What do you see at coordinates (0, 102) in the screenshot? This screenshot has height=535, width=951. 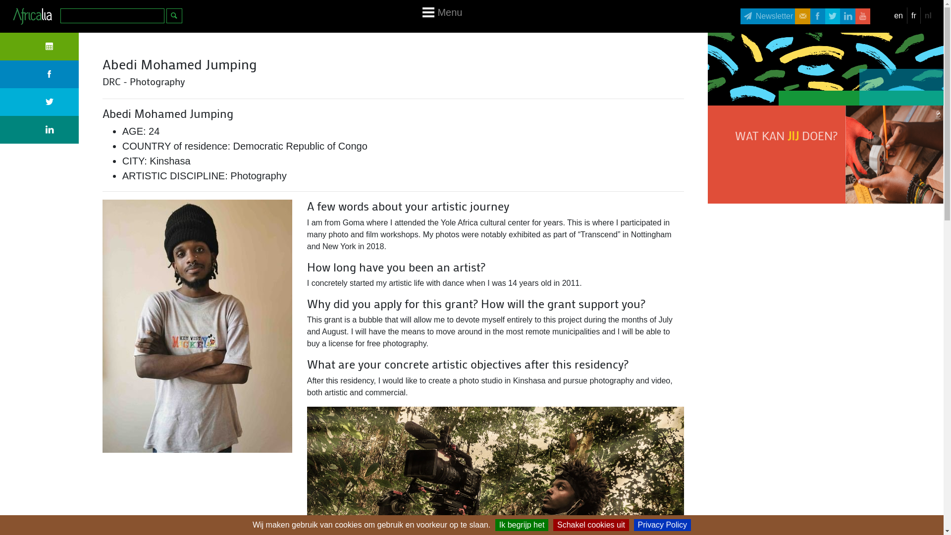 I see `'Twitter'` at bounding box center [0, 102].